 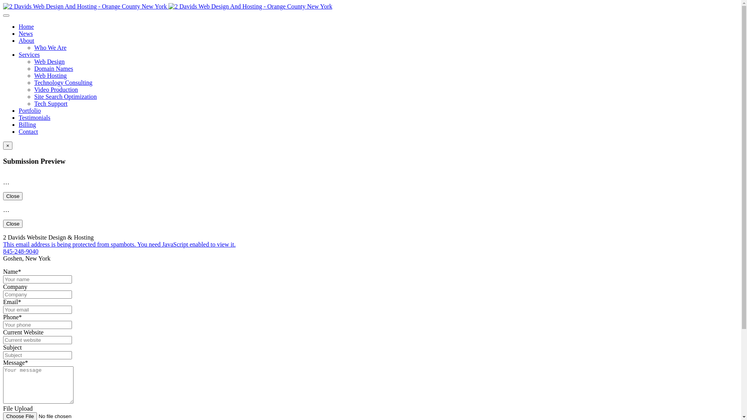 What do you see at coordinates (50, 75) in the screenshot?
I see `'Web Hosting'` at bounding box center [50, 75].